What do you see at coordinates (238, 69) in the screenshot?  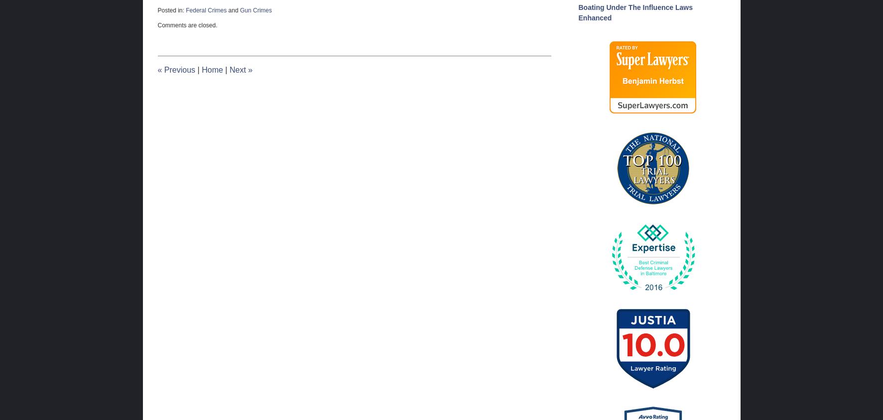 I see `'Next'` at bounding box center [238, 69].